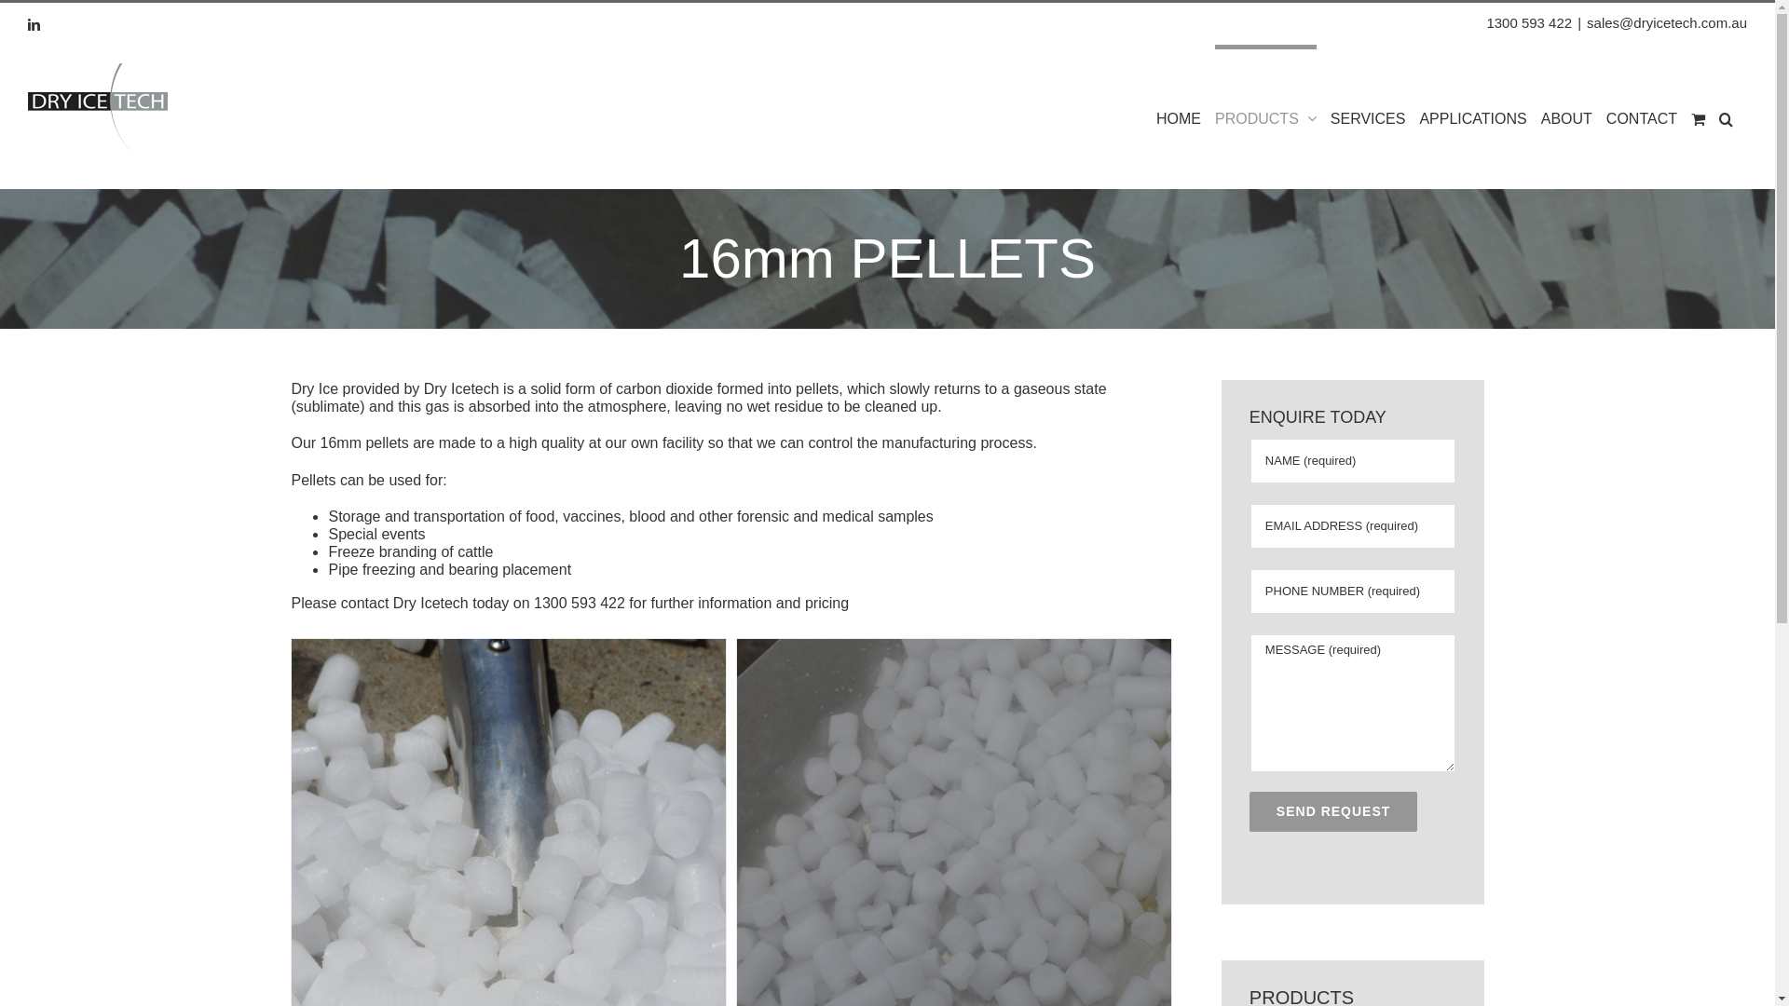 This screenshot has width=1789, height=1006. Describe the element at coordinates (1249, 810) in the screenshot. I see `'SEND REQUEST'` at that location.